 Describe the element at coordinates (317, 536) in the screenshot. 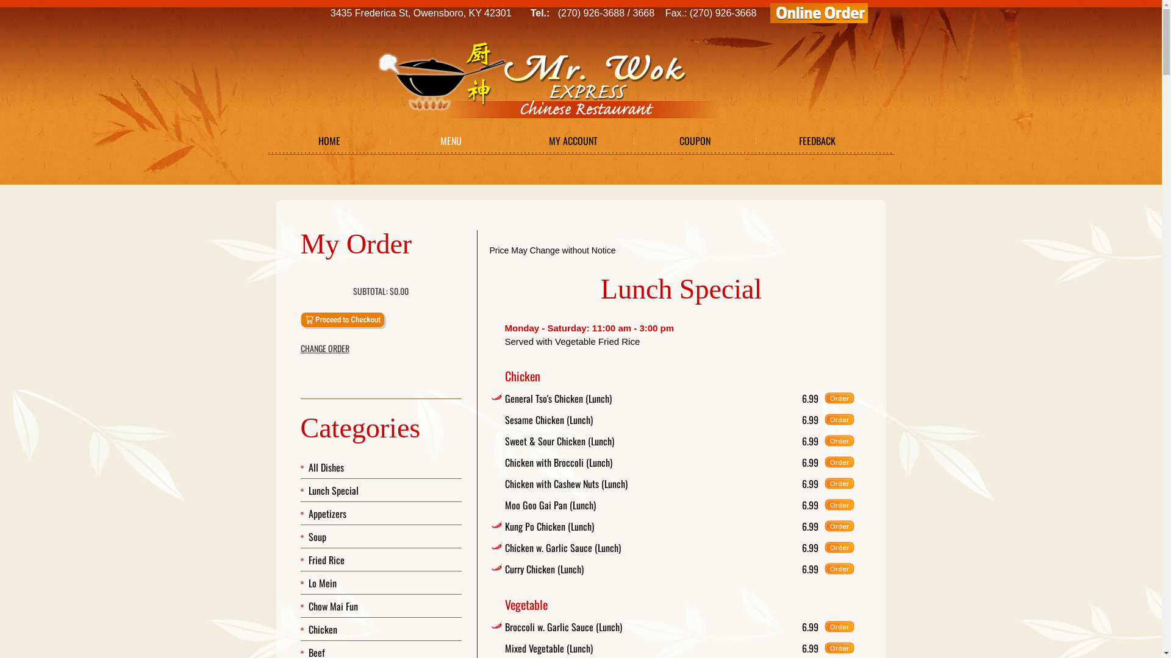

I see `'Soup'` at that location.